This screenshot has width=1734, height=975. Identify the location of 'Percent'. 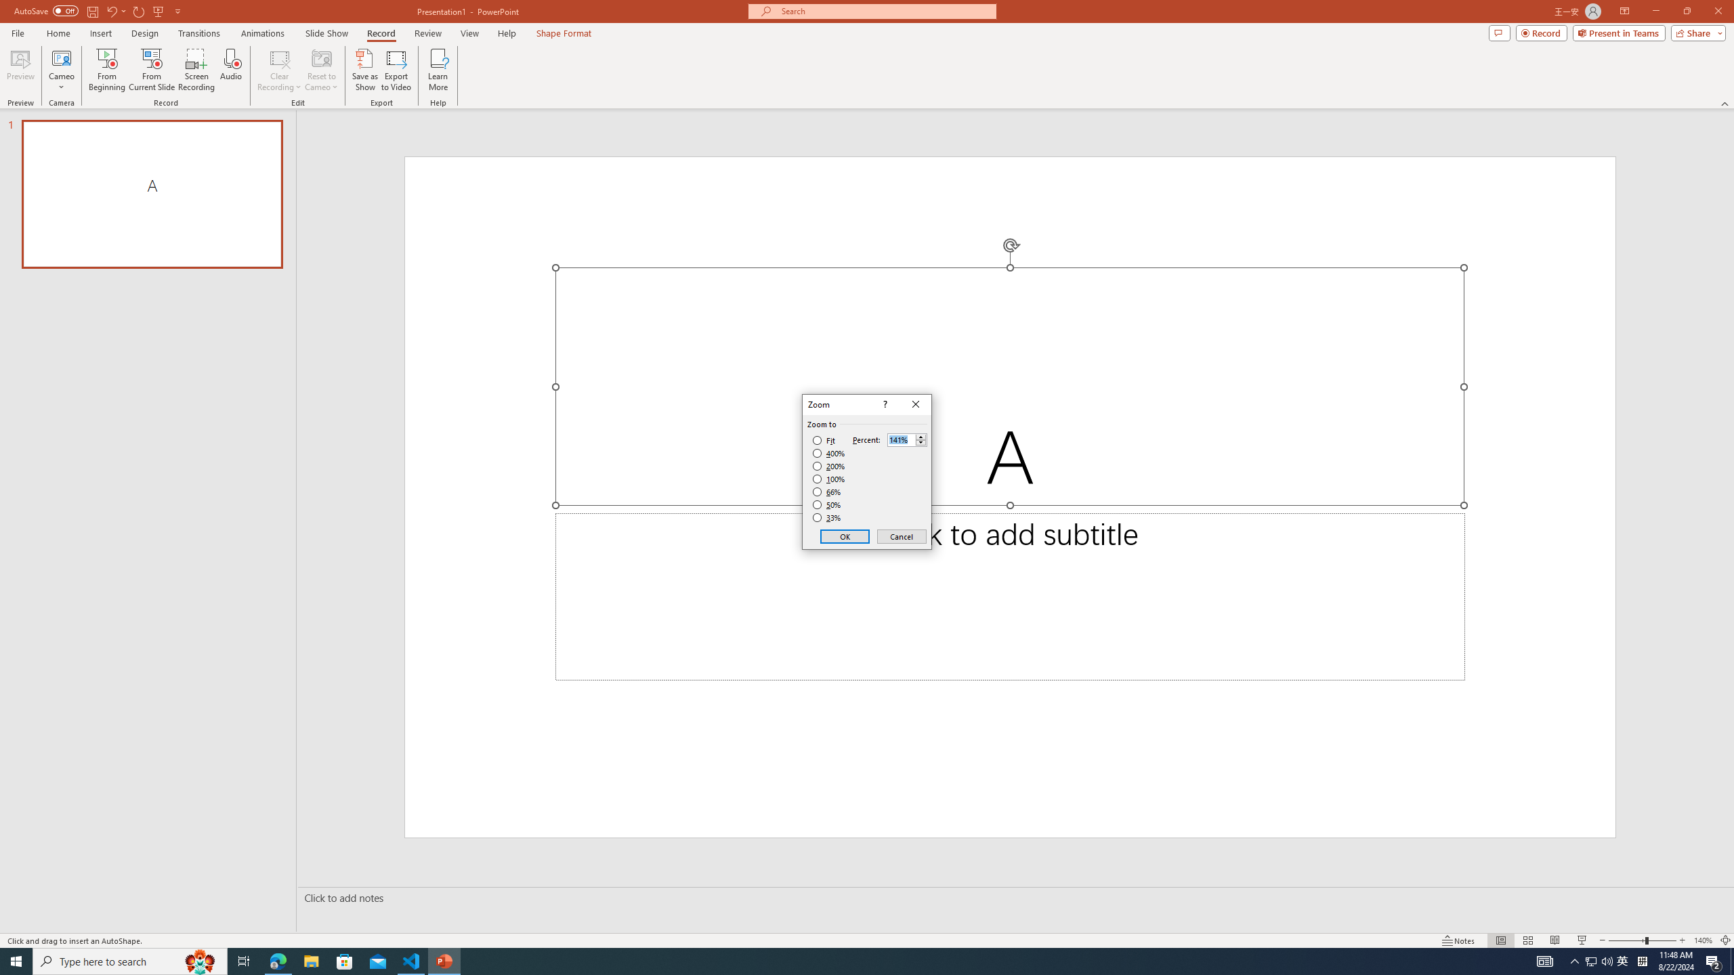
(901, 440).